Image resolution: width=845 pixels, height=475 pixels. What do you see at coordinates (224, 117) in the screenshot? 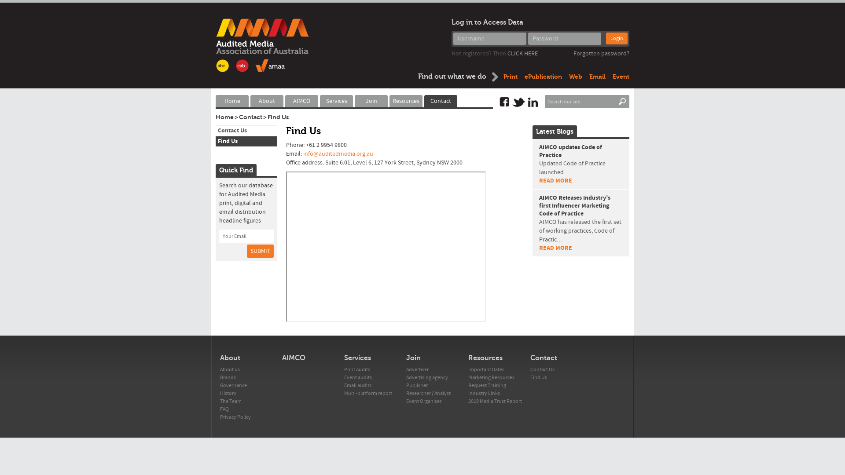
I see `'Home'` at bounding box center [224, 117].